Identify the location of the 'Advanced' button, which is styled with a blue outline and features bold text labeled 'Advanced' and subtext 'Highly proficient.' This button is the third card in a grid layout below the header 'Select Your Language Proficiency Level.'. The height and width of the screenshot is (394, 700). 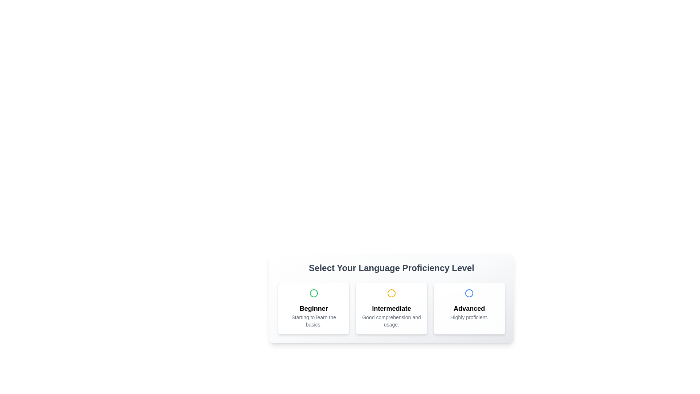
(469, 308).